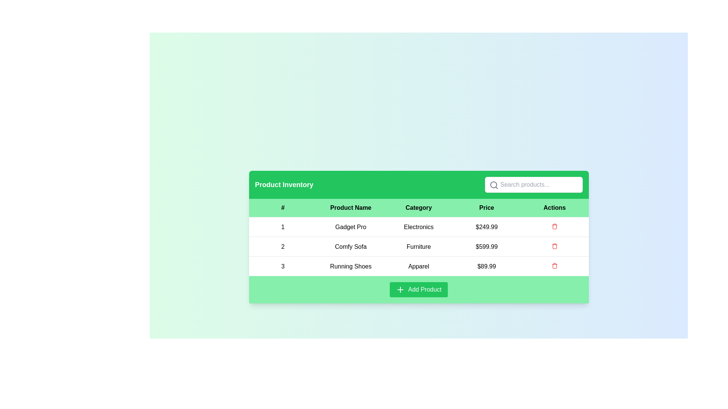 This screenshot has width=728, height=409. What do you see at coordinates (554, 265) in the screenshot?
I see `the small red trash can icon` at bounding box center [554, 265].